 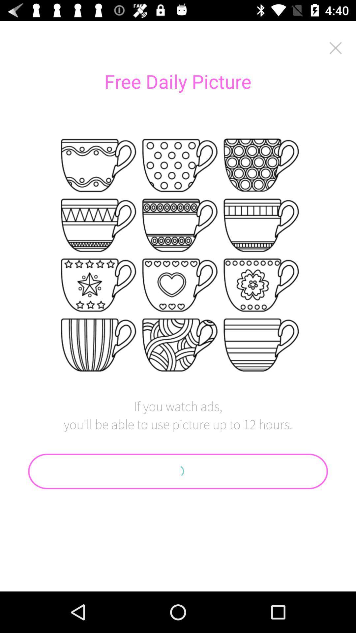 I want to click on close, so click(x=336, y=47).